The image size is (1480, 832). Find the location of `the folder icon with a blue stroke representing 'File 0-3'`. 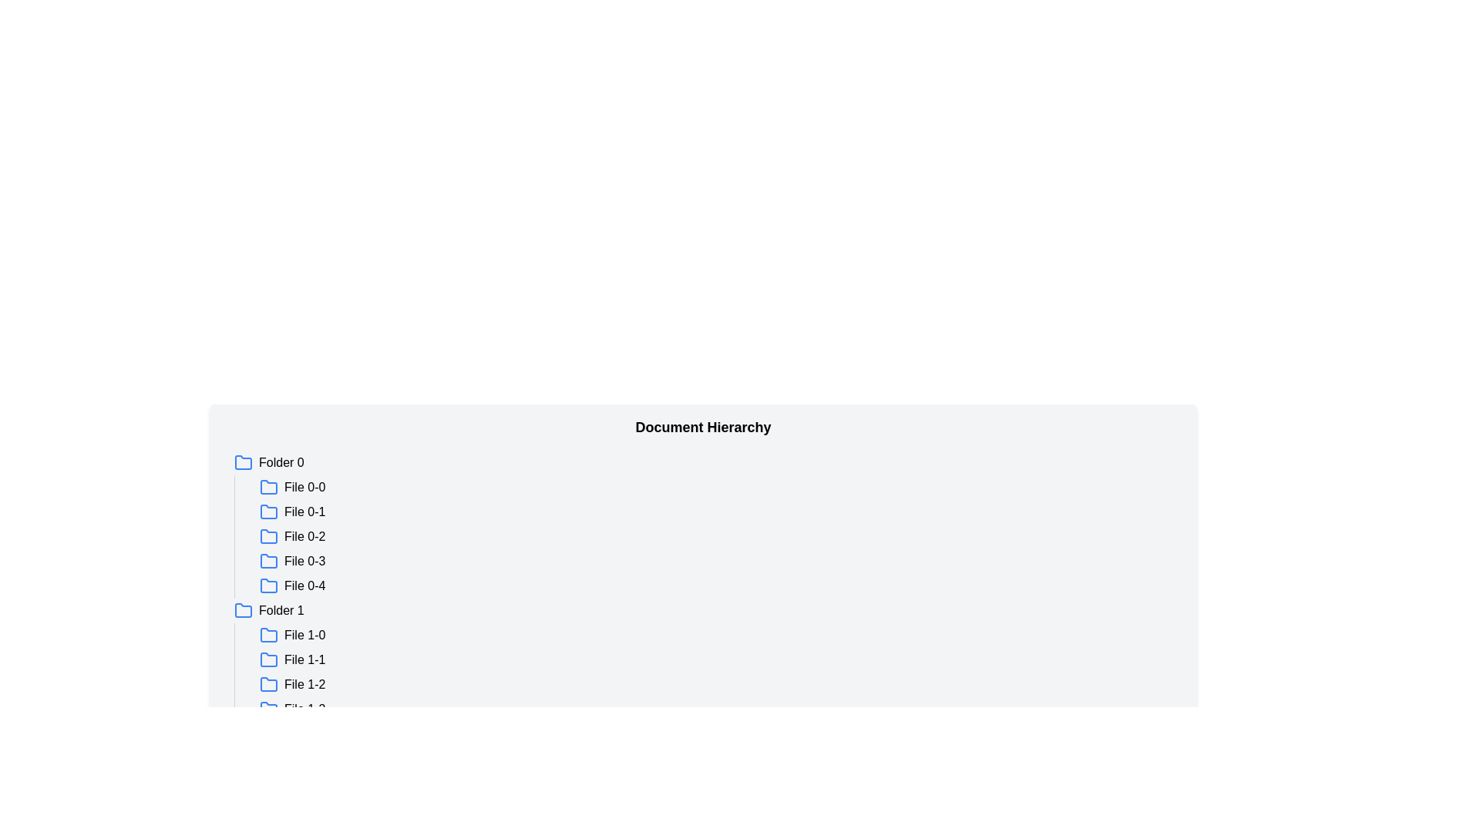

the folder icon with a blue stroke representing 'File 0-3' is located at coordinates (269, 562).